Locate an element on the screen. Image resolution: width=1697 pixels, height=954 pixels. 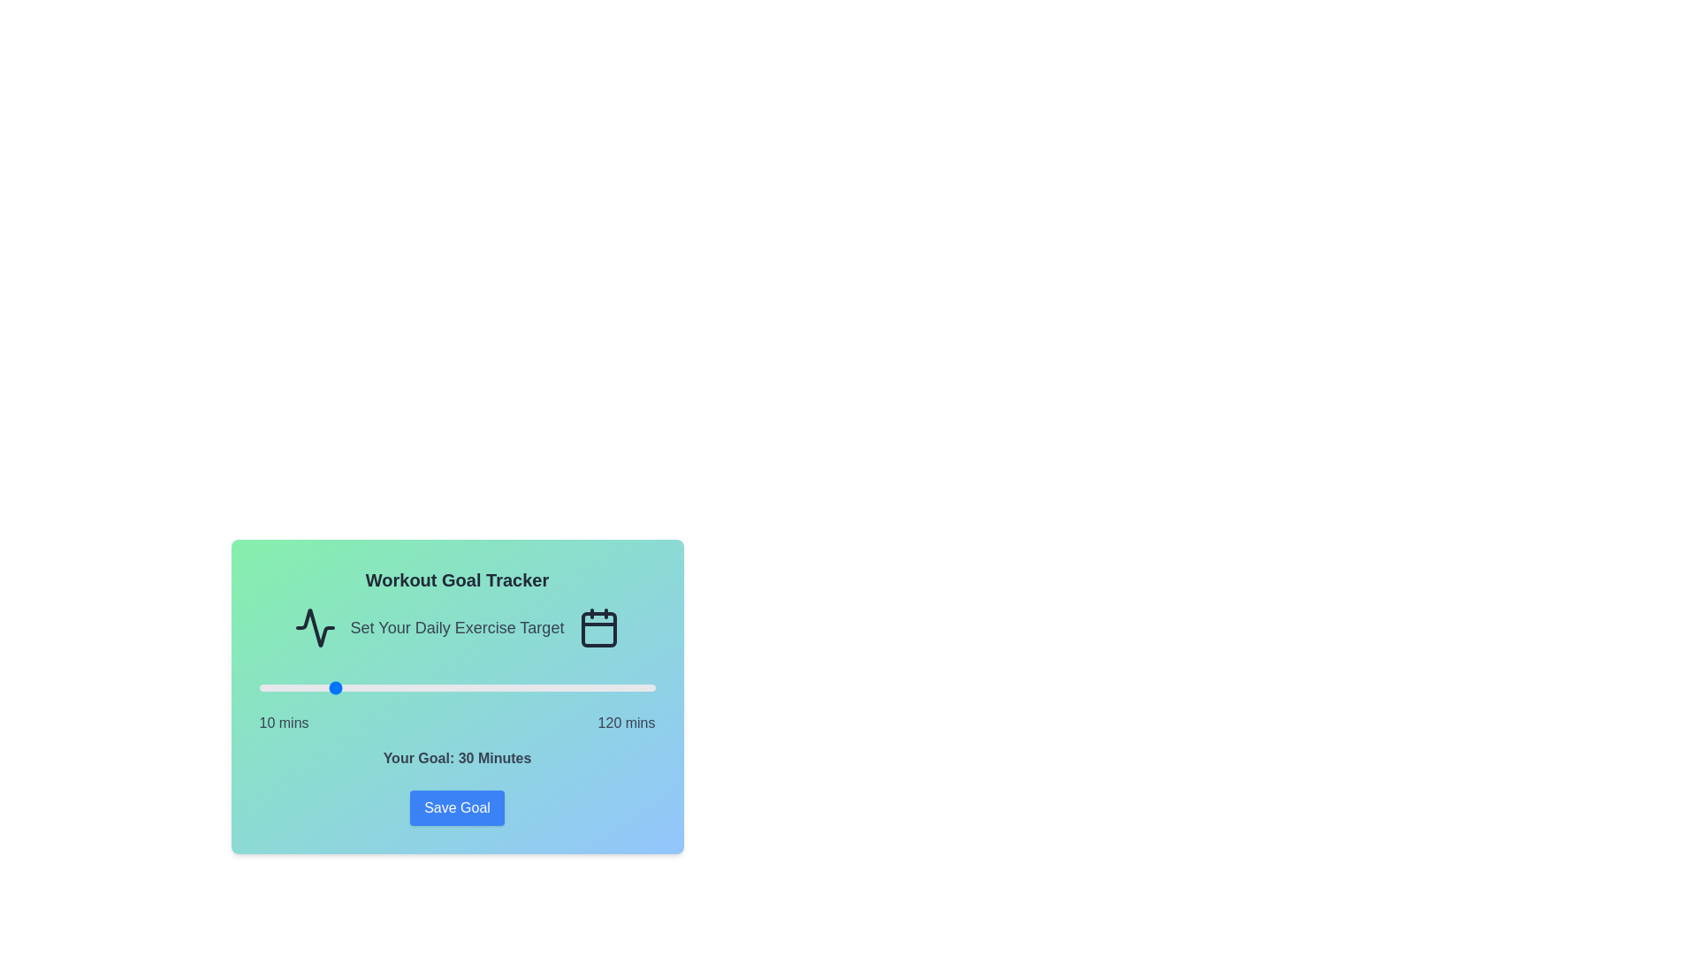
the range slider label '120 mins' to highlight it is located at coordinates (627, 723).